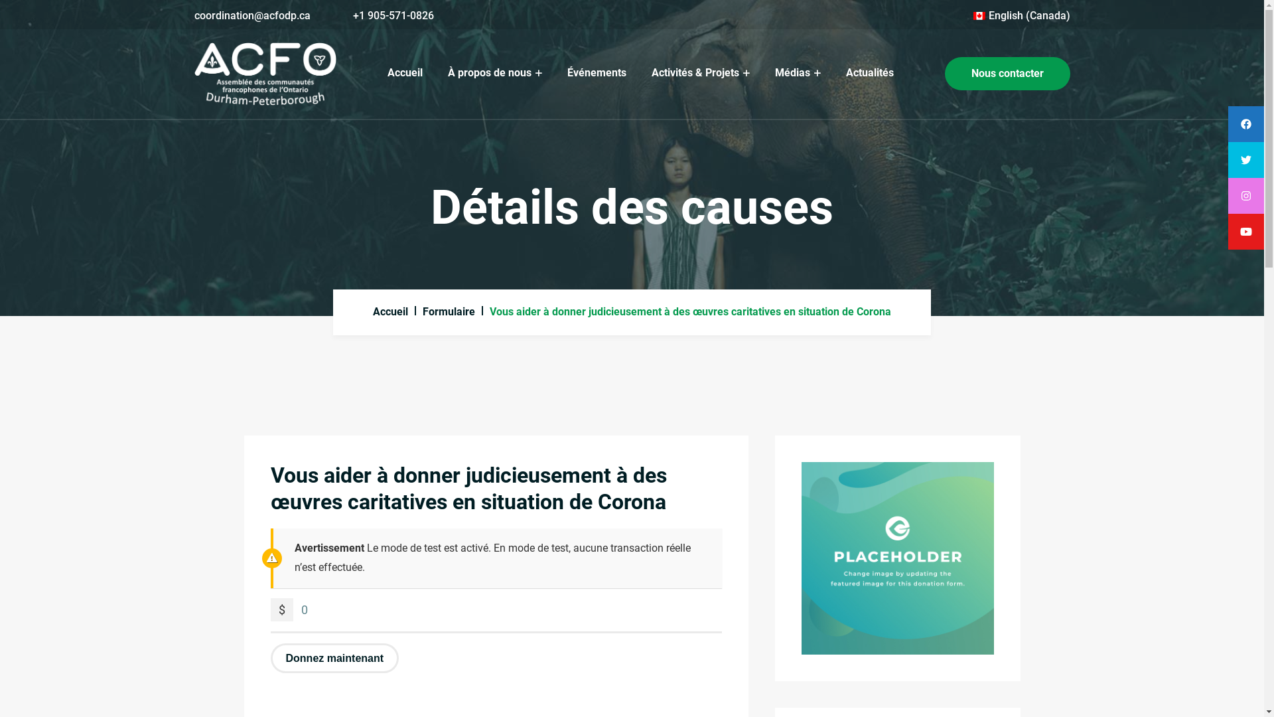 The width and height of the screenshot is (1274, 717). I want to click on '+1 905-571-0826', so click(353, 15).